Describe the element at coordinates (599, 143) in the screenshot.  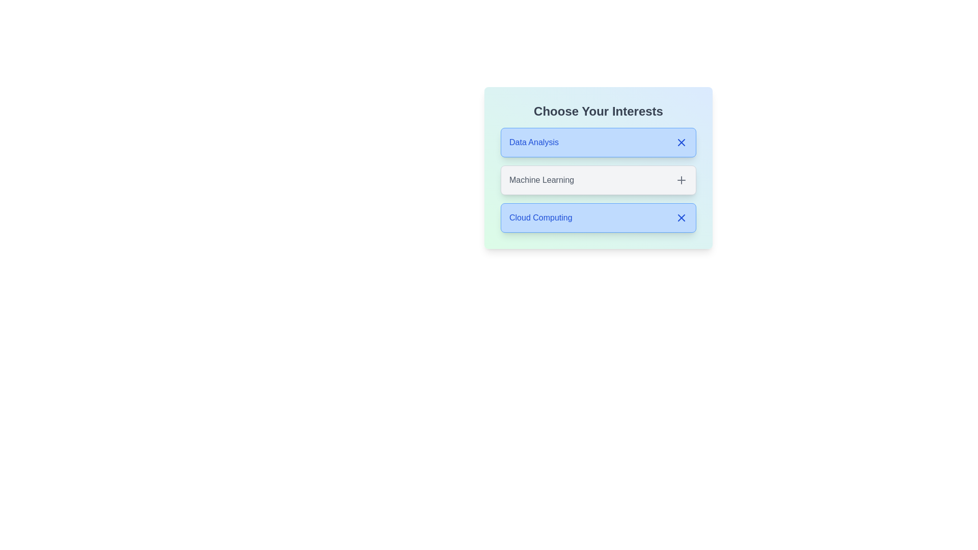
I see `the tag Data Analysis by clicking on it` at that location.